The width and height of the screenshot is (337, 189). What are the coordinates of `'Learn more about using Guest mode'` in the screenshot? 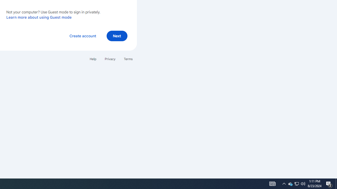 It's located at (39, 17).